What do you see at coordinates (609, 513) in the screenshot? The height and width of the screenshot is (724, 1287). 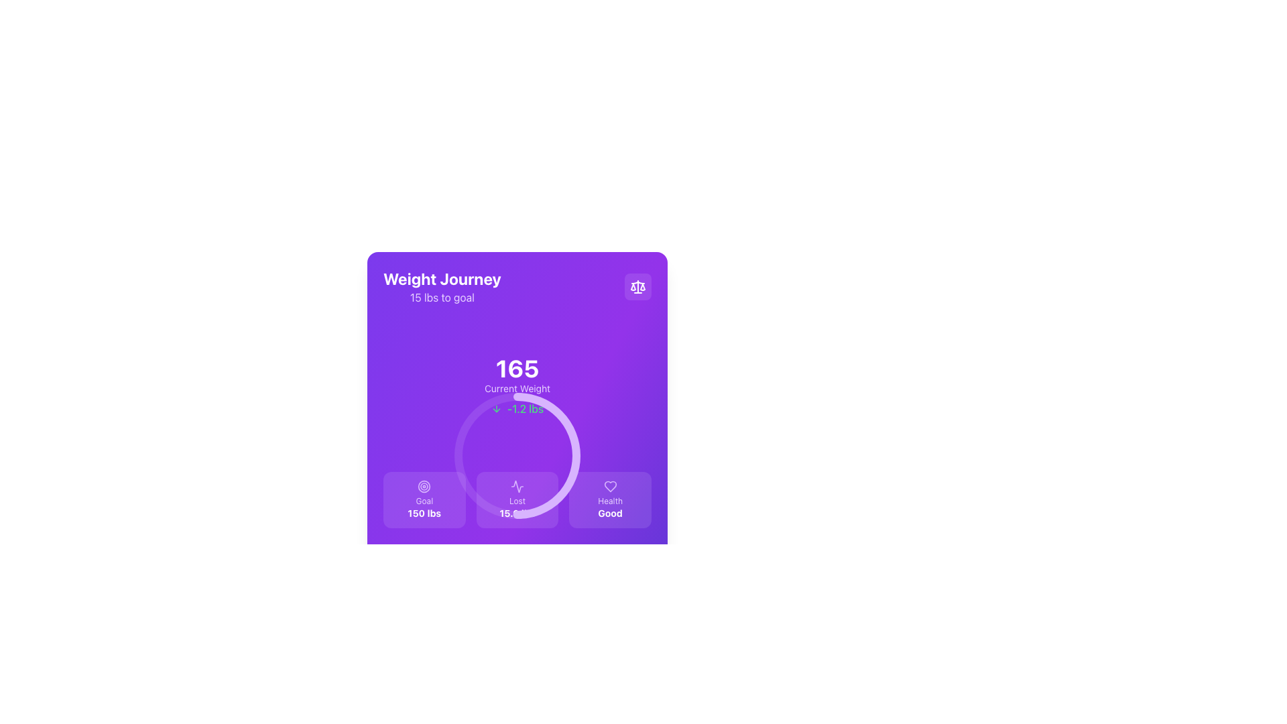 I see `the text label displaying the word 'Good' in bold, small-sized font with a white color, located at the bottom of the rightmost tile beneath the 'Health' label` at bounding box center [609, 513].